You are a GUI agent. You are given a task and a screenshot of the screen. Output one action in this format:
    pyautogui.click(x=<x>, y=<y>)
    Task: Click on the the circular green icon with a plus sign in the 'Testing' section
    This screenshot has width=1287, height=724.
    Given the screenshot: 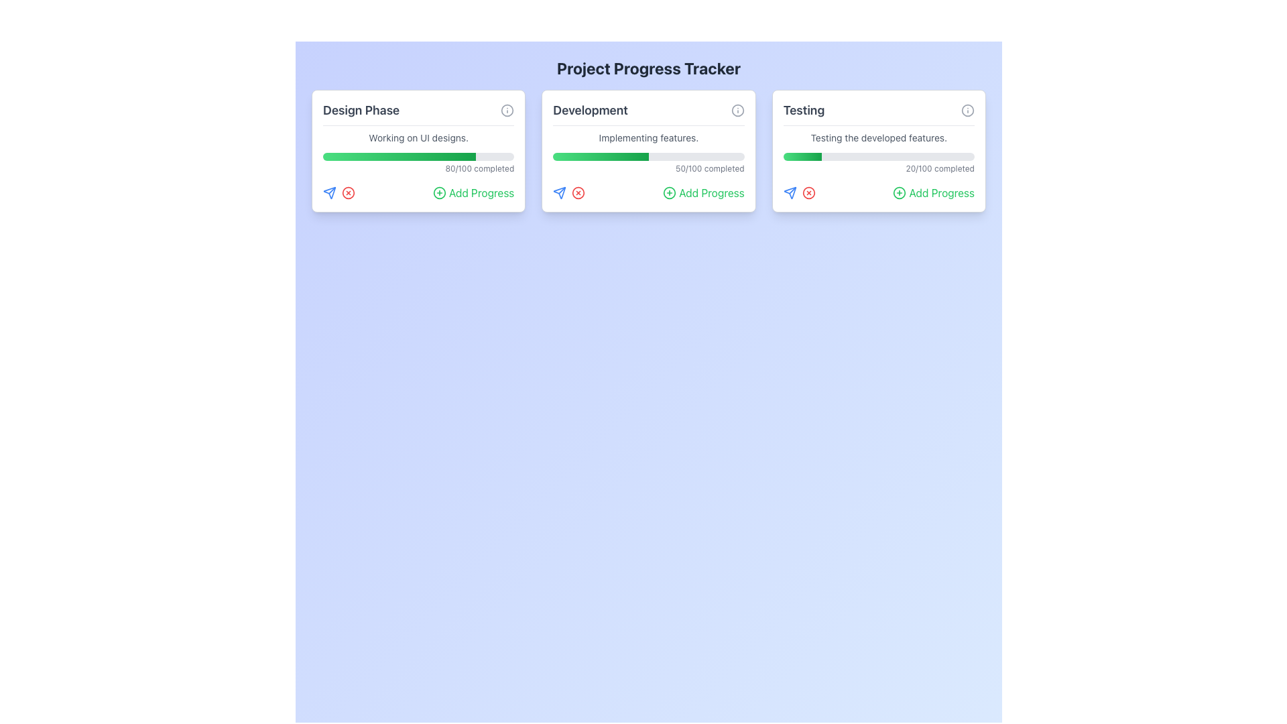 What is the action you would take?
    pyautogui.click(x=900, y=193)
    